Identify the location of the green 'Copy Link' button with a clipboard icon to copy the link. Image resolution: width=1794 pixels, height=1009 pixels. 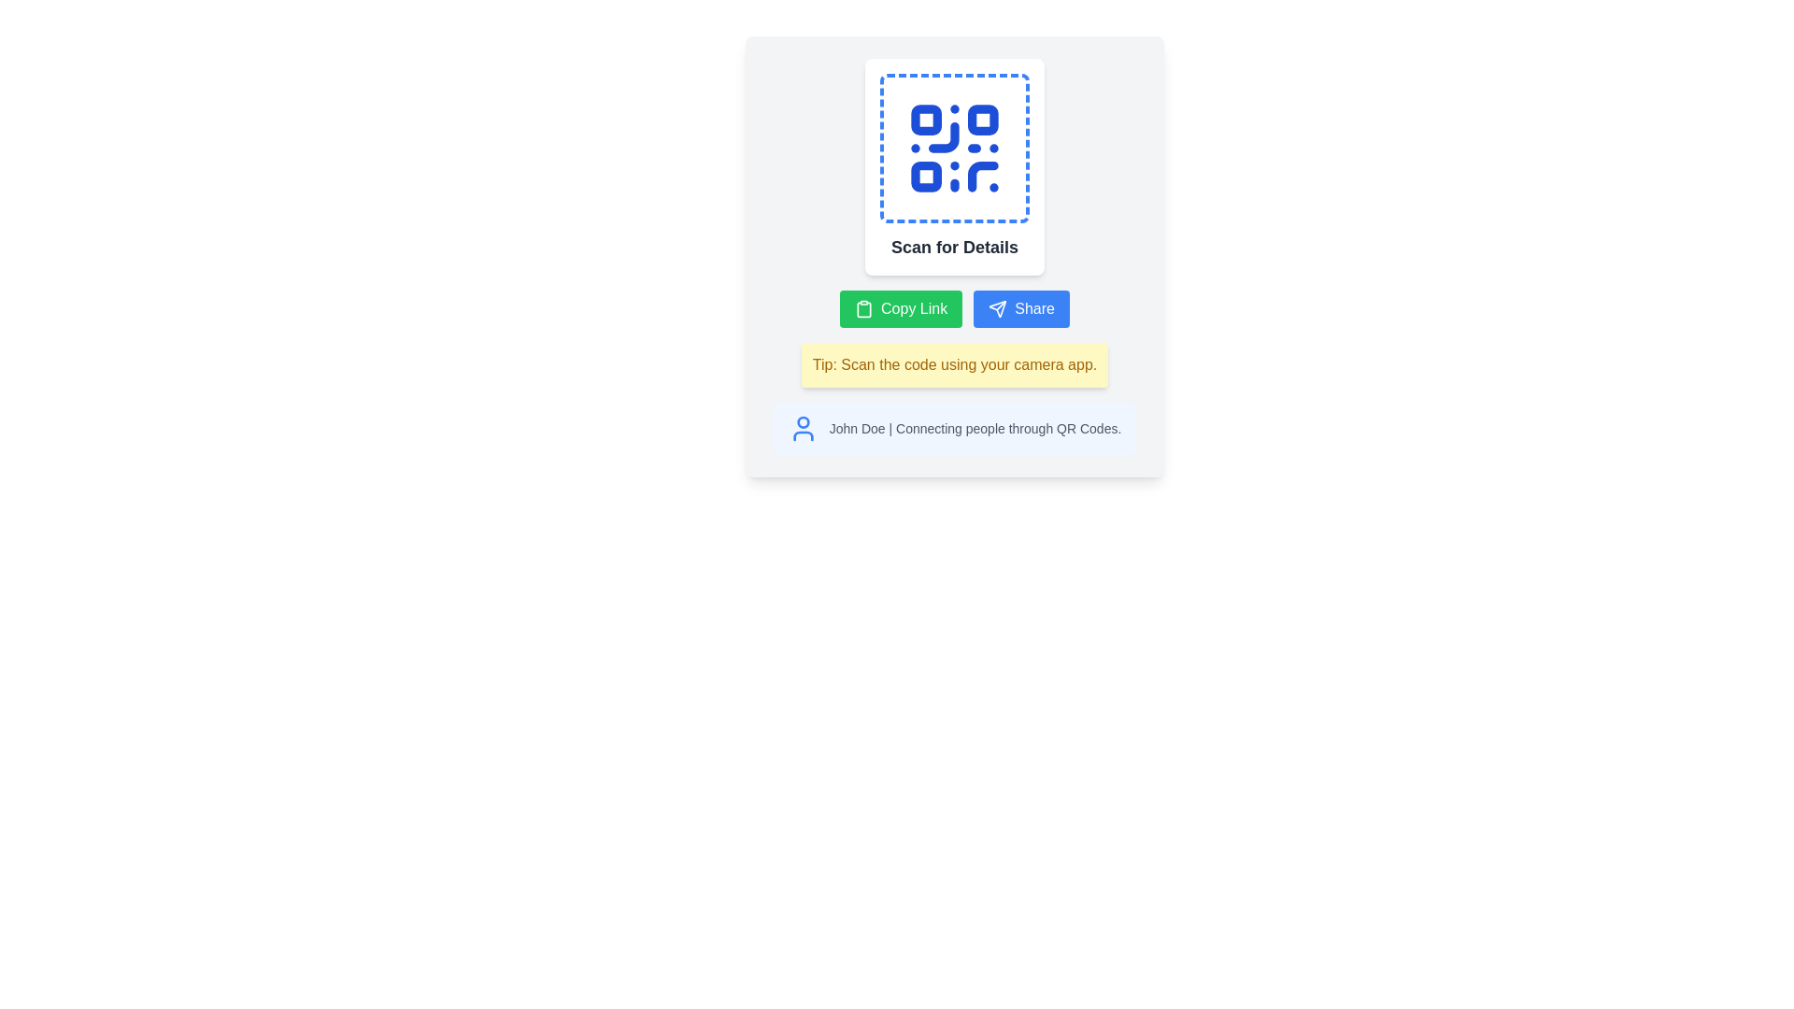
(901, 308).